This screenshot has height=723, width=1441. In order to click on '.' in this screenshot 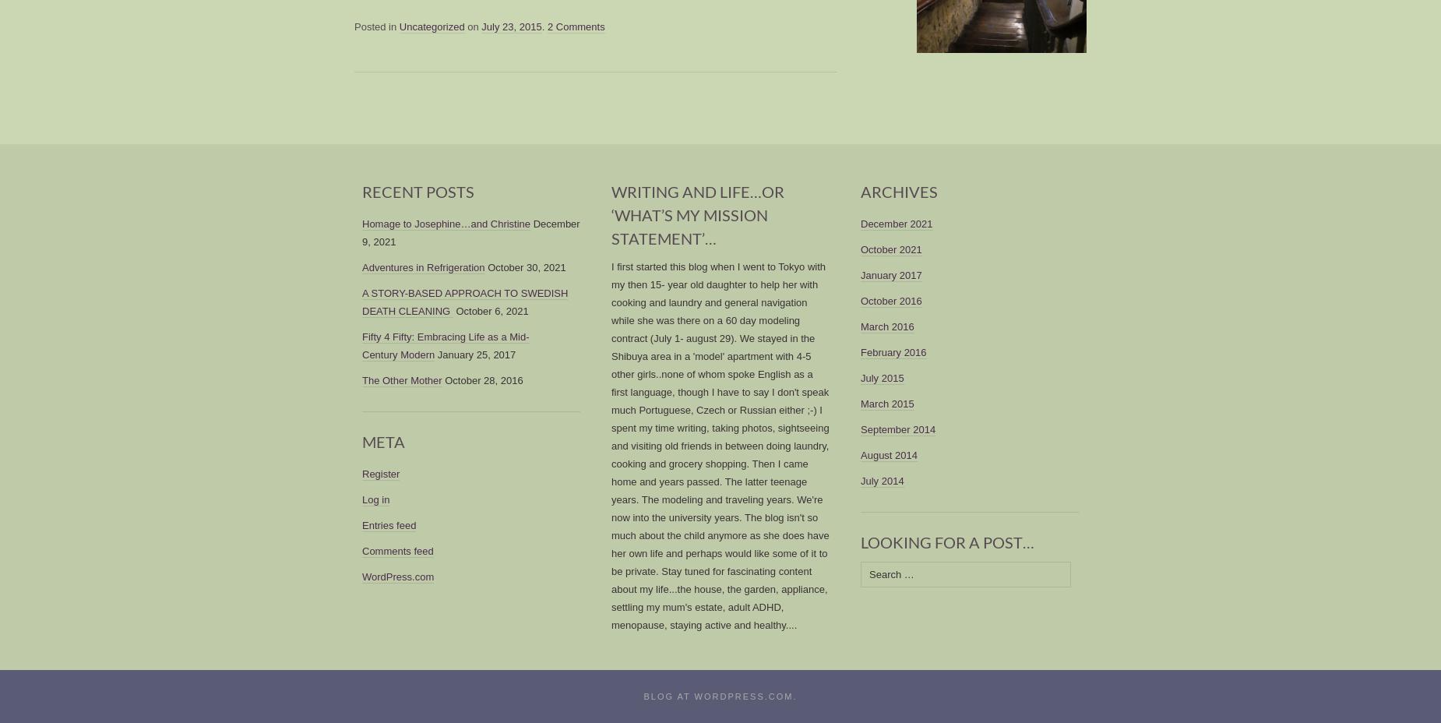, I will do `click(541, 26)`.